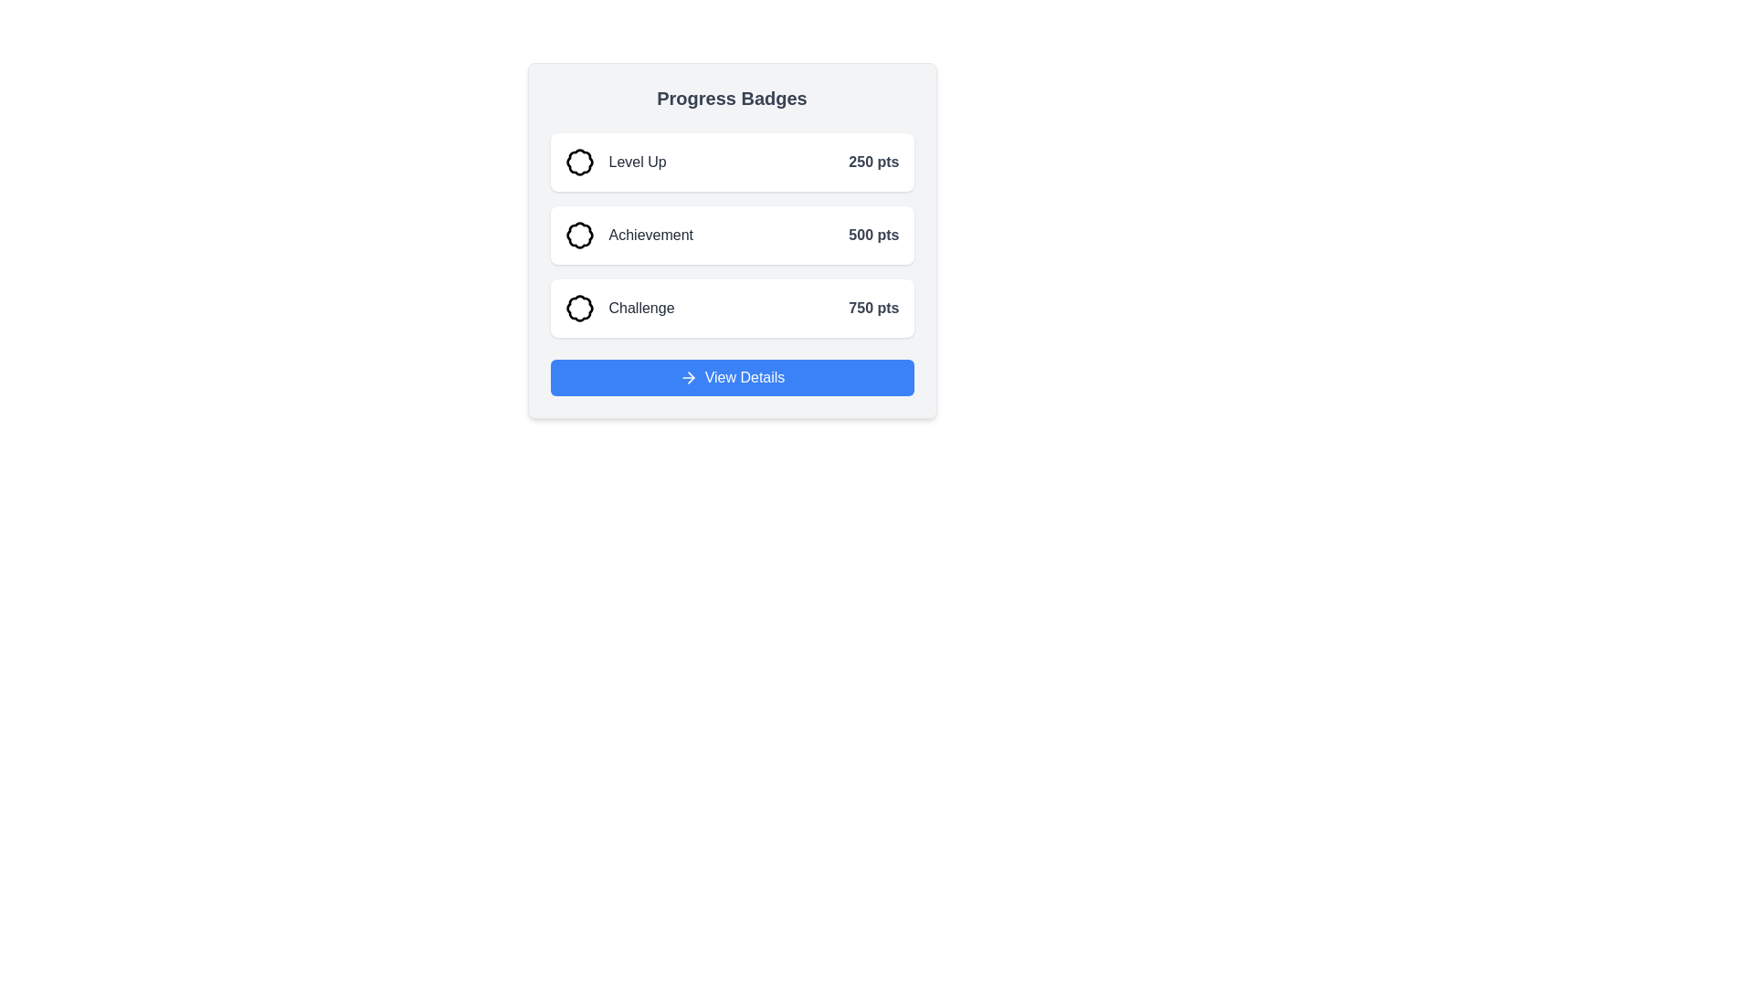 The width and height of the screenshot is (1754, 986). I want to click on the 'Level Up' badge icon, so click(578, 161).